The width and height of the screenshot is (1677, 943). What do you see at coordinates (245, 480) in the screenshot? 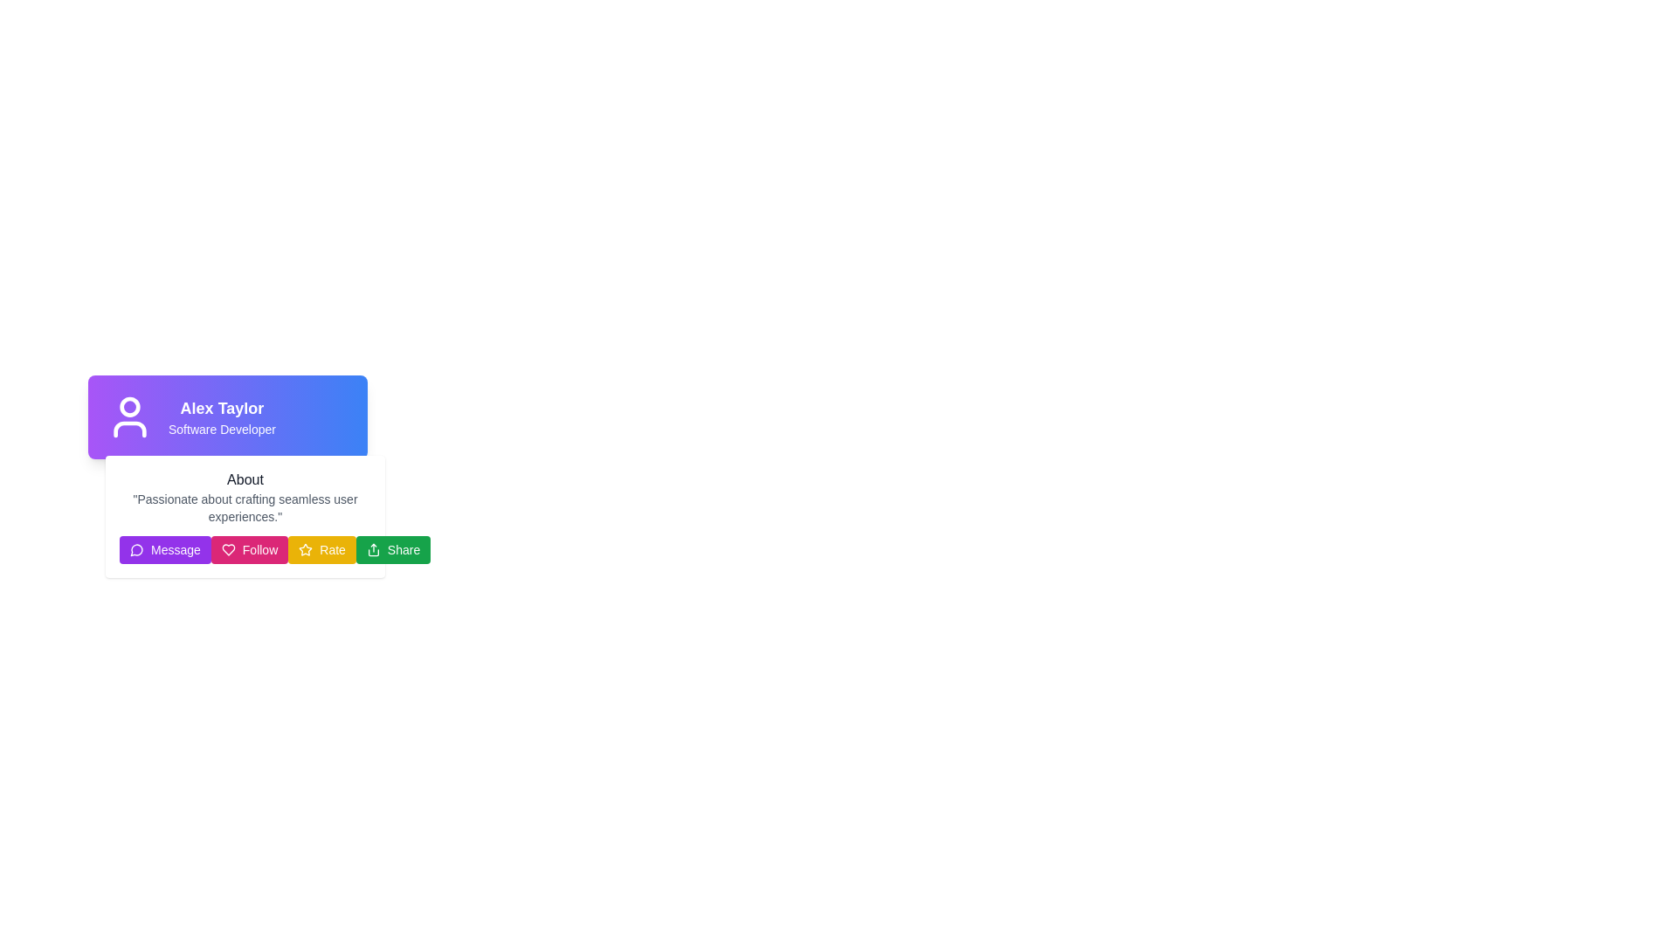
I see `the Heading text label that serves as a heading for the section elaborating on the user's professional interests, positioned above the text 'Passionate about crafting seamless user experiences.' and below the profile name 'Alex Taylor, Software Developer'` at bounding box center [245, 480].